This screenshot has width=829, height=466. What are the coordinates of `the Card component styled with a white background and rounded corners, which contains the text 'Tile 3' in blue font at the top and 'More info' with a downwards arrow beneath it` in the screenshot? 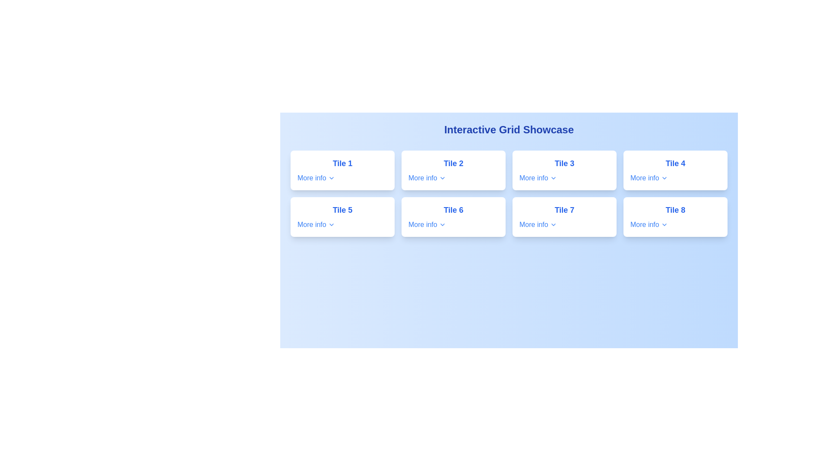 It's located at (564, 170).